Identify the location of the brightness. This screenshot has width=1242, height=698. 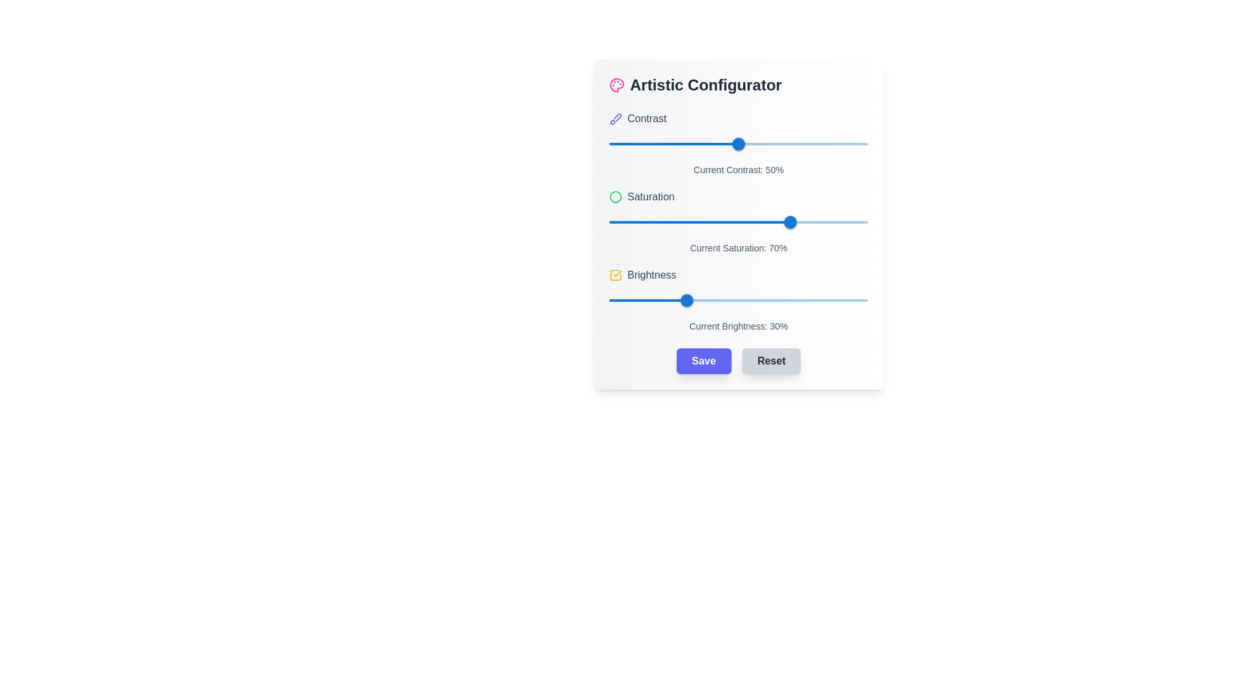
(730, 301).